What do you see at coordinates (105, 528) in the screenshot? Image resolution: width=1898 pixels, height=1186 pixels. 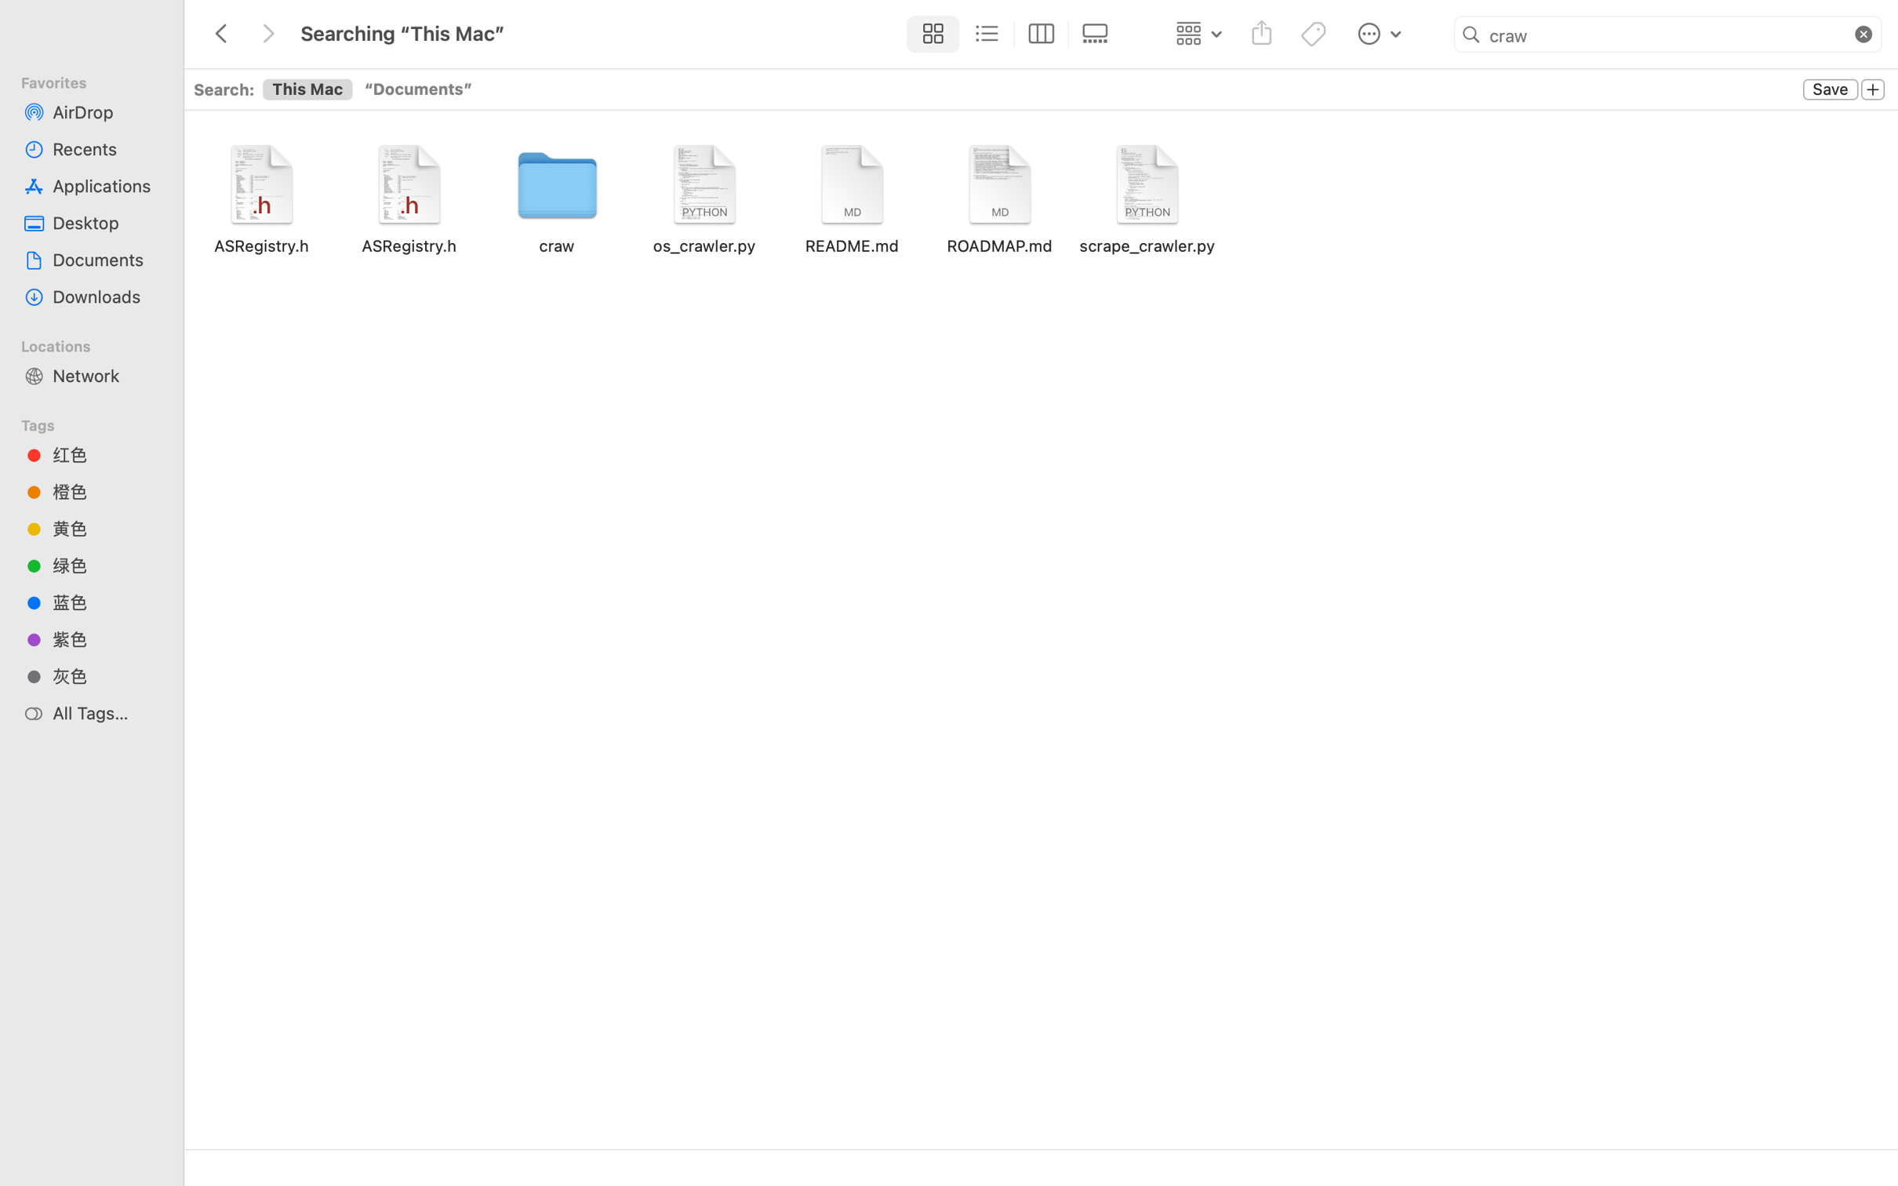 I see `'黄色'` at bounding box center [105, 528].